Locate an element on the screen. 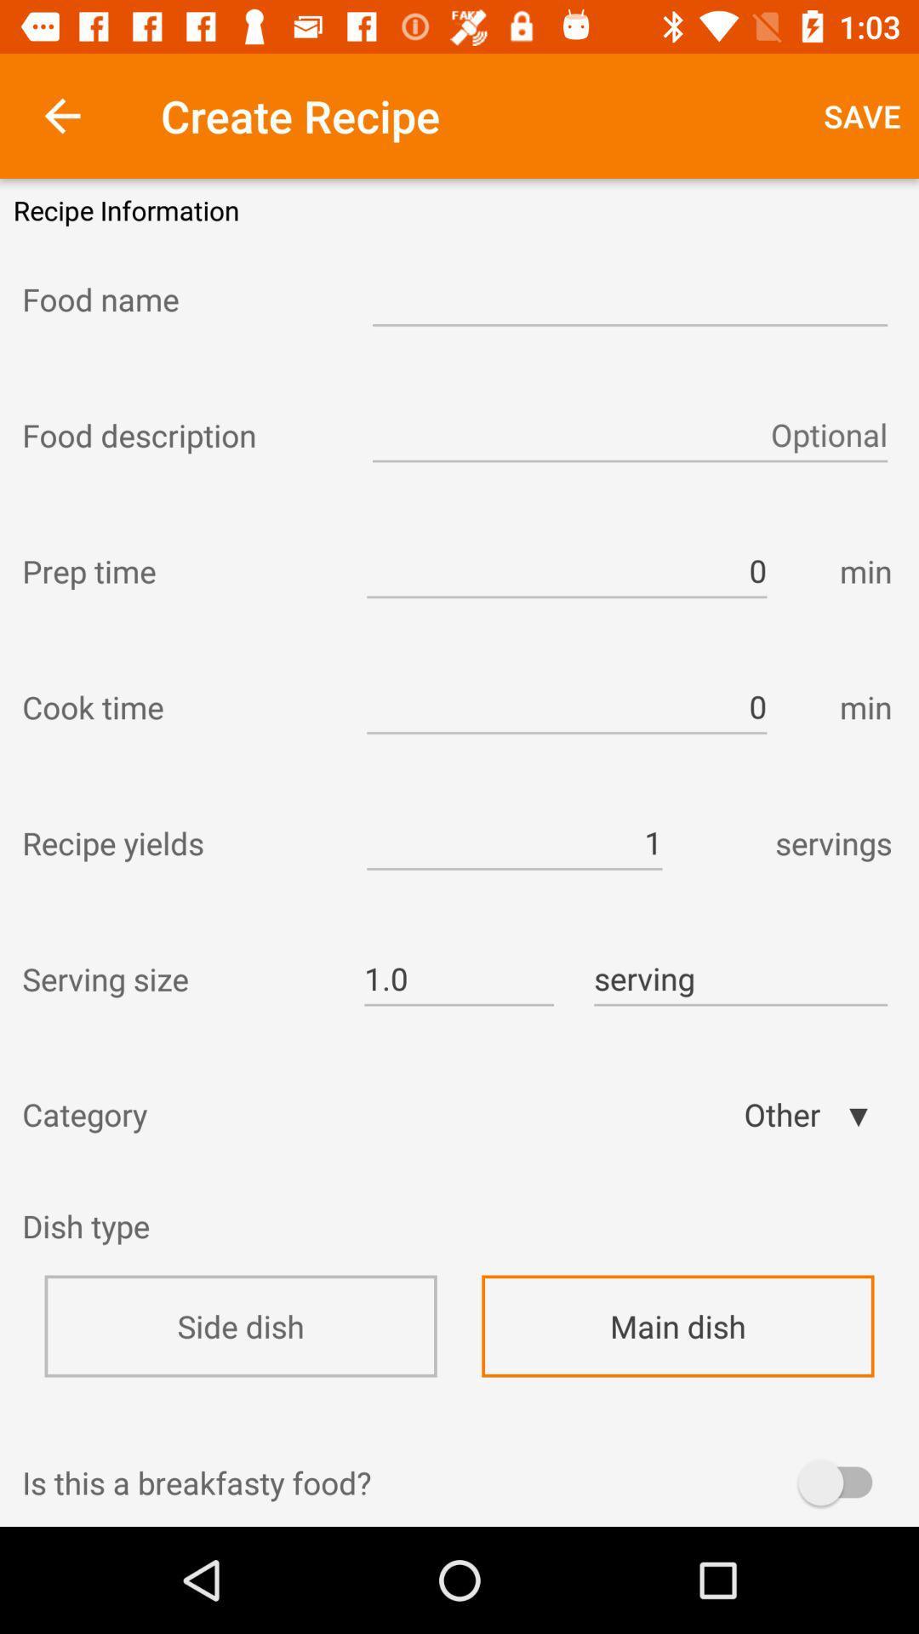 The height and width of the screenshot is (1634, 919). the item below the recipe information item is located at coordinates (181, 299).